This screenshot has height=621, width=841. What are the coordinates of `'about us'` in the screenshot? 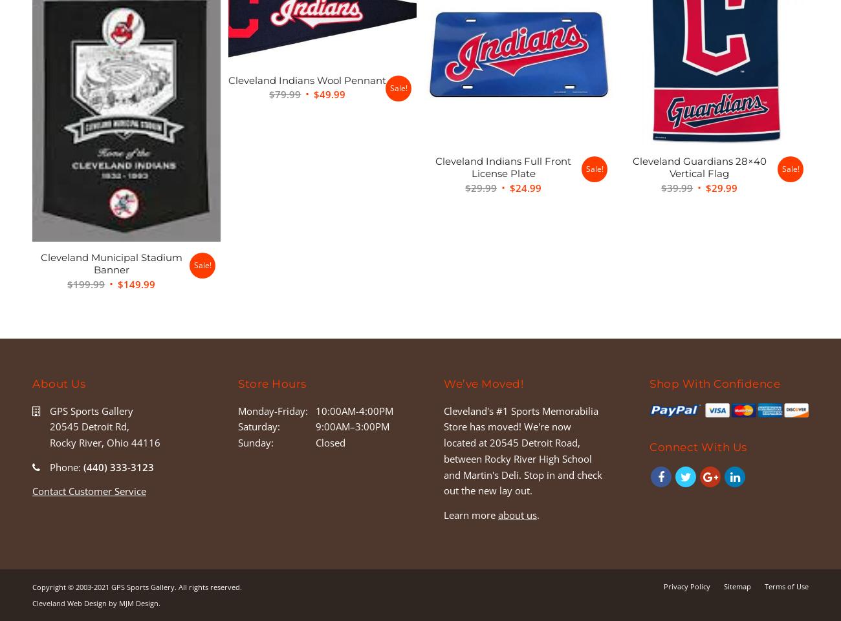 It's located at (517, 513).